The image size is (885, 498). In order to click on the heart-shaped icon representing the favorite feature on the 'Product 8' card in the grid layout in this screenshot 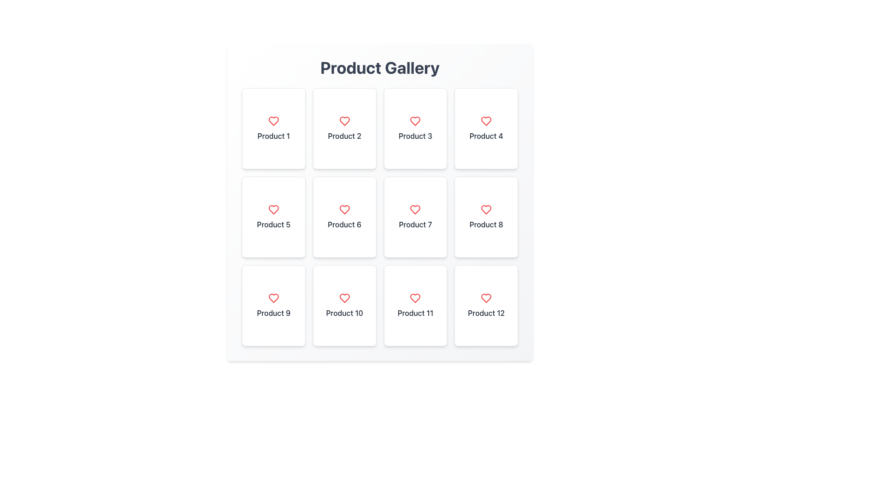, I will do `click(486, 210)`.